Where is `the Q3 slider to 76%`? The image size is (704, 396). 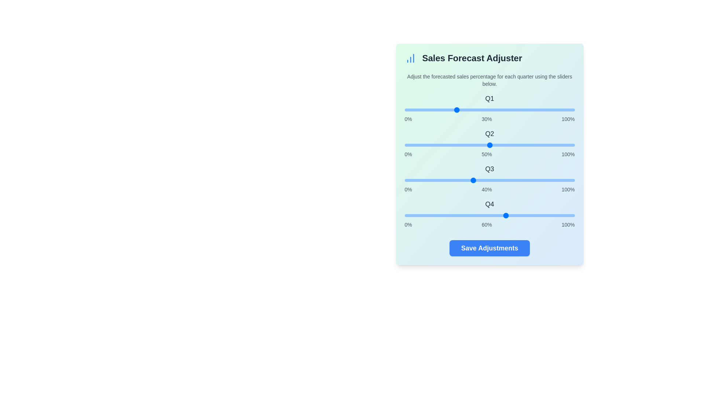 the Q3 slider to 76% is located at coordinates (534, 180).